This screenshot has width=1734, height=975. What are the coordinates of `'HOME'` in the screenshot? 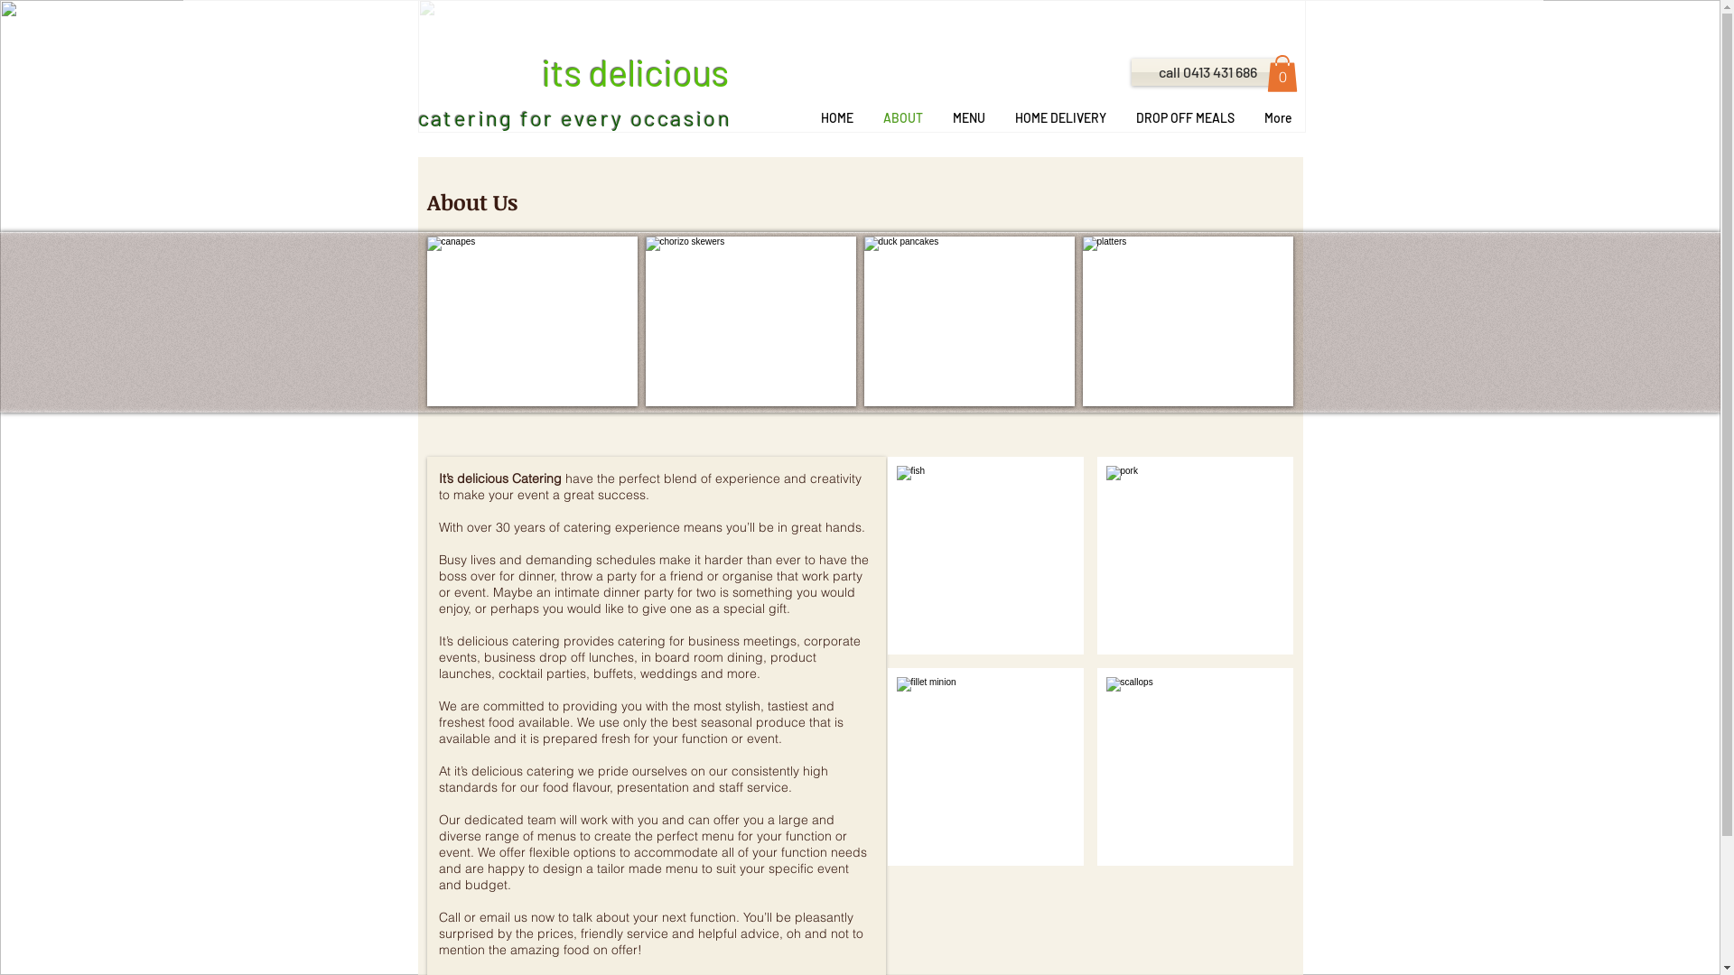 It's located at (835, 118).